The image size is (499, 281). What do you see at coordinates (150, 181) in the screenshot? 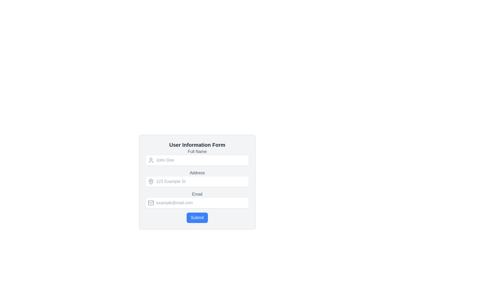
I see `the location icon that signifies the address input field, positioned to the left of the input field labeled '123 Example St'` at bounding box center [150, 181].